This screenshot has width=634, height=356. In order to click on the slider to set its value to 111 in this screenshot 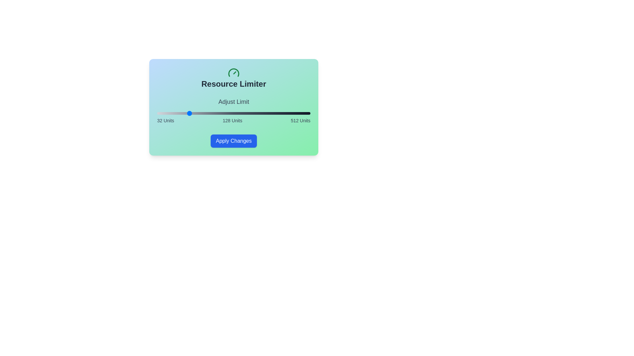, I will do `click(182, 113)`.